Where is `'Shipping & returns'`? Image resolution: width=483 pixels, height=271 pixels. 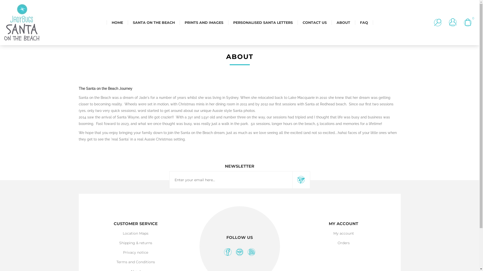 'Shipping & returns' is located at coordinates (136, 243).